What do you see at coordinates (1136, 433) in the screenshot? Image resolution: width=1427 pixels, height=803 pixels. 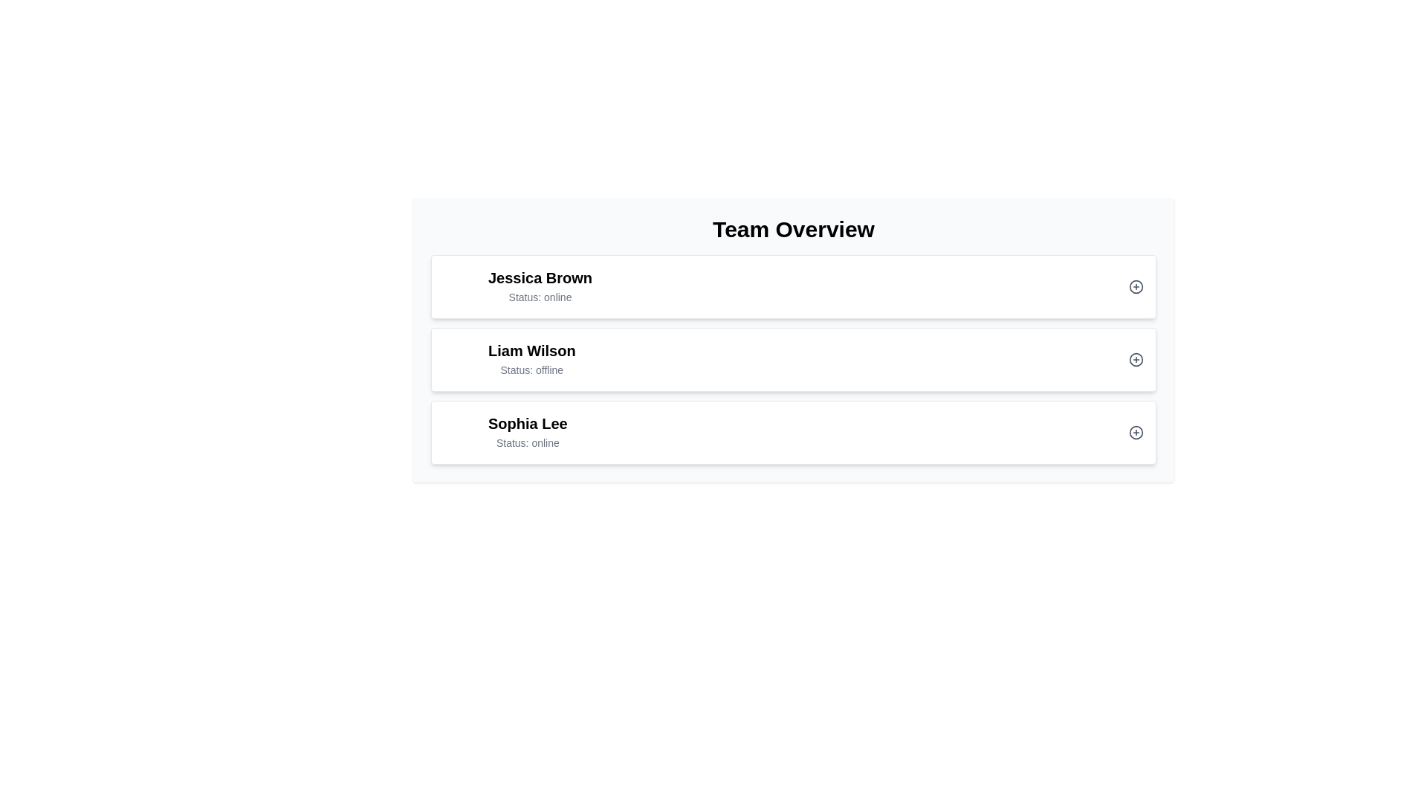 I see `the interactive button located on the far-right edge of the list items corresponding to 'Sophia Lee' in the third row` at bounding box center [1136, 433].